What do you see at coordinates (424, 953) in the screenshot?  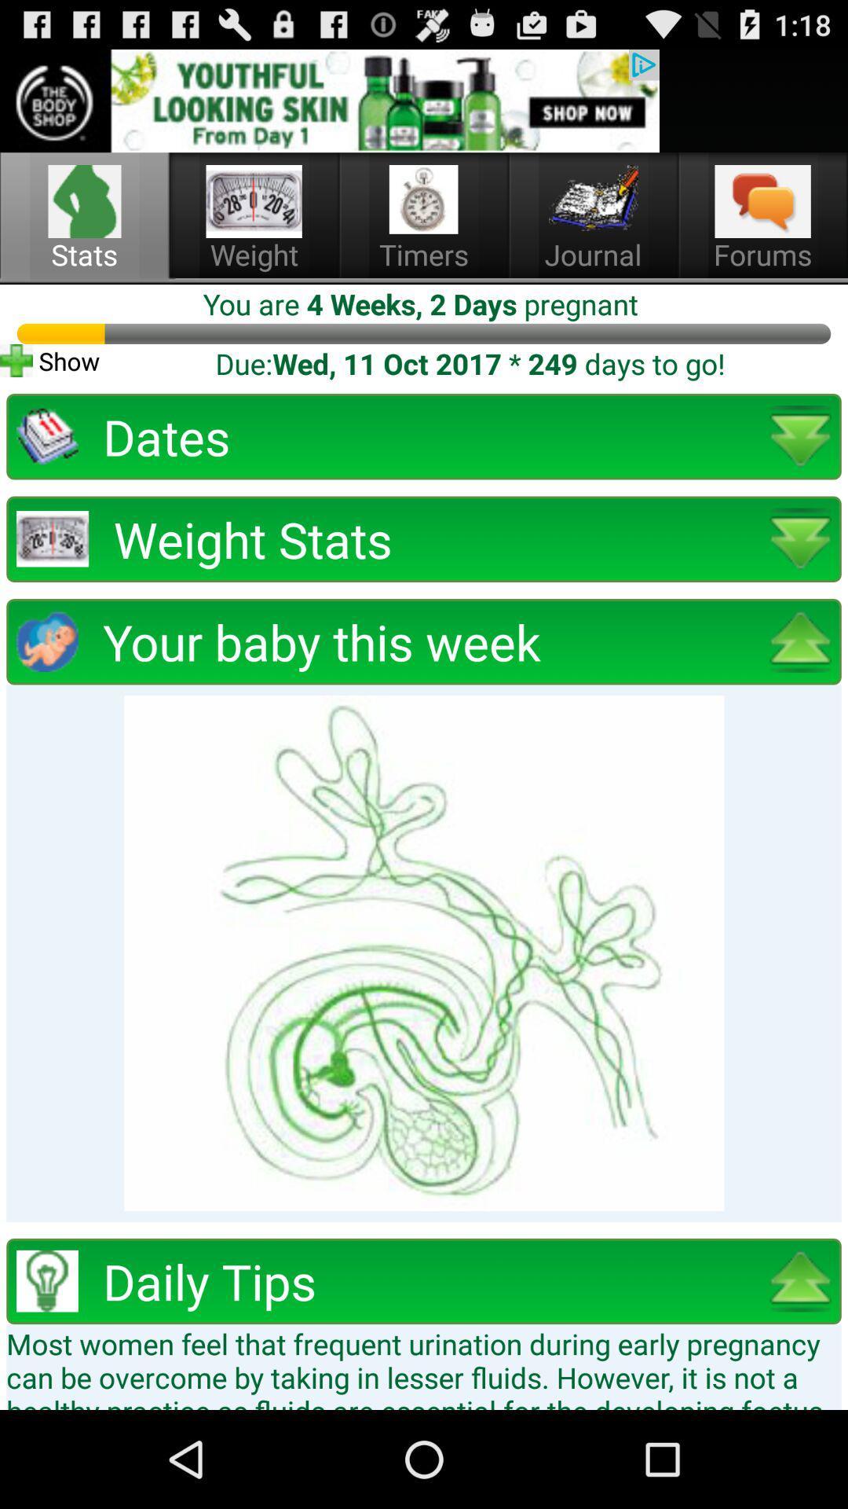 I see `view image` at bounding box center [424, 953].